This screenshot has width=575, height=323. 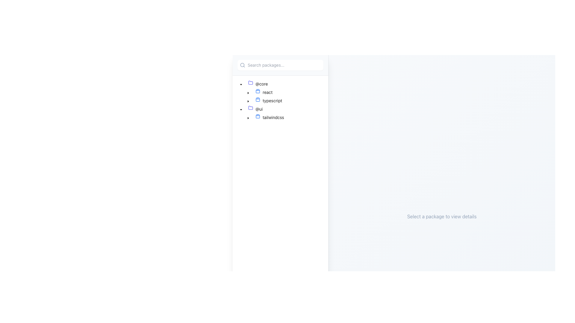 What do you see at coordinates (280, 101) in the screenshot?
I see `the third item in the navigation panel of the Tree structure` at bounding box center [280, 101].